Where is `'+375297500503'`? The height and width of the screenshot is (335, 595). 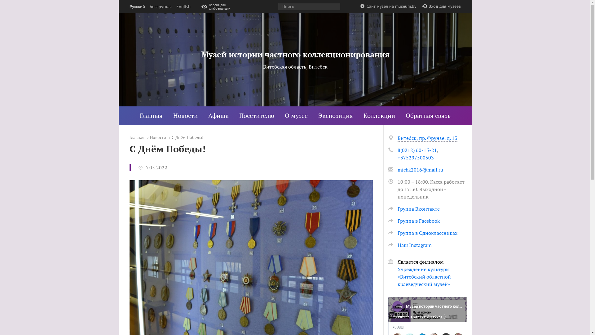 '+375297500503' is located at coordinates (397, 157).